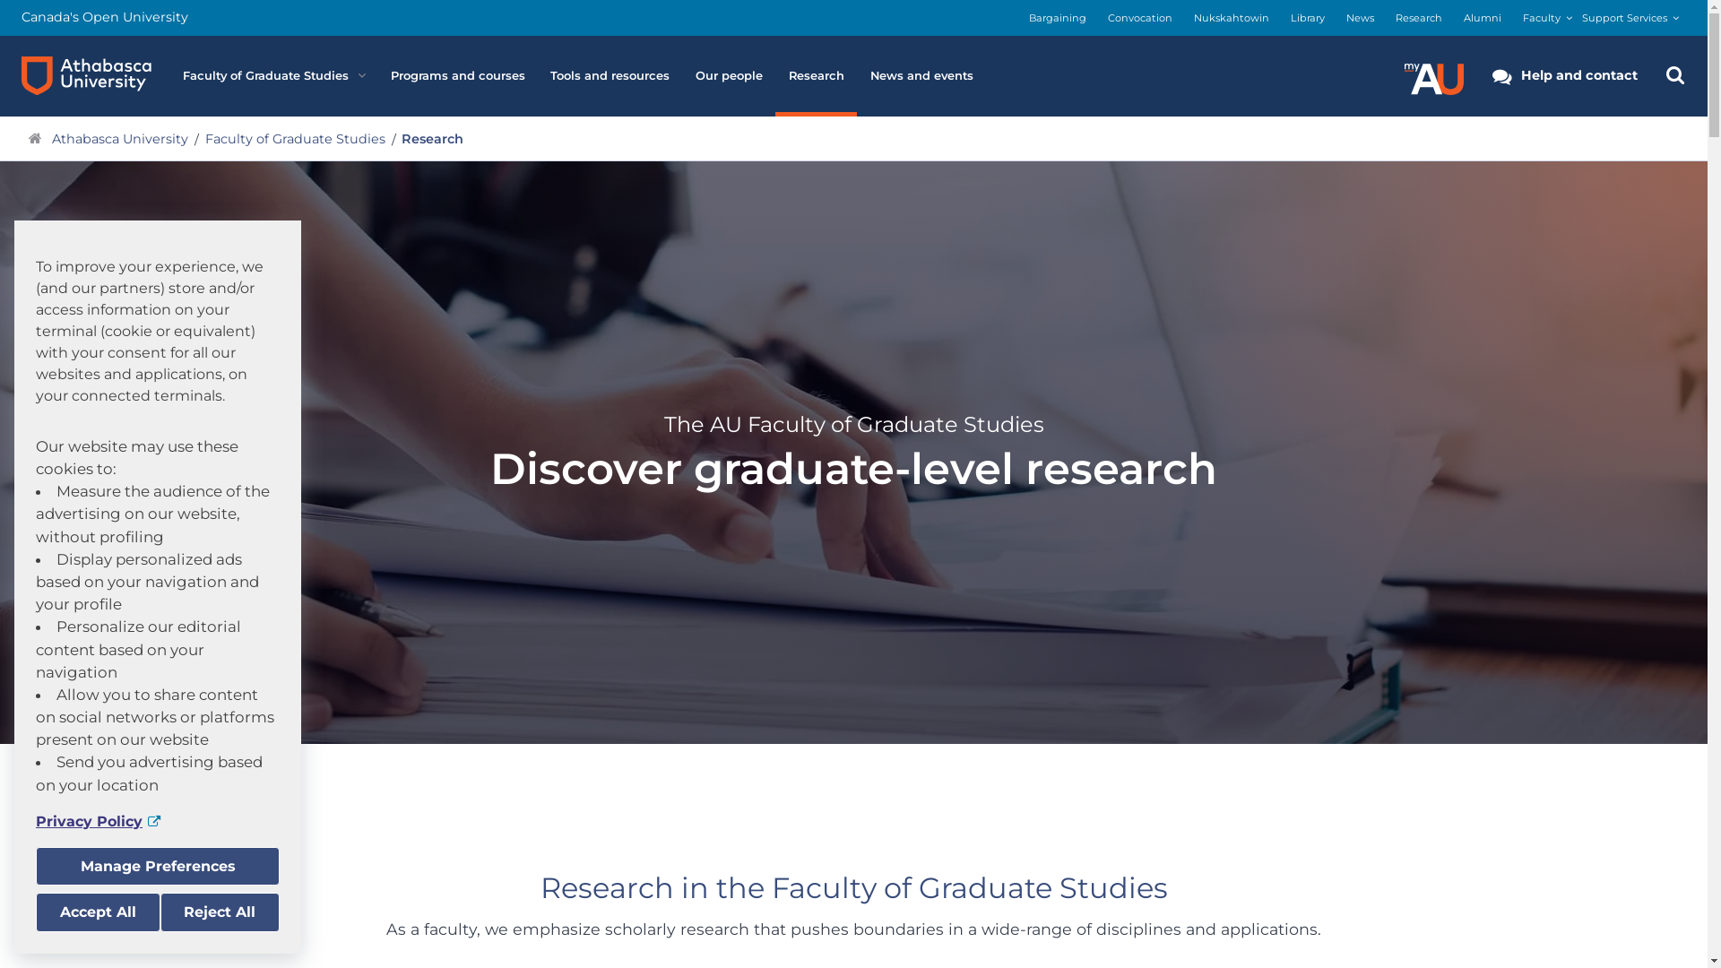 The width and height of the screenshot is (1721, 968). Describe the element at coordinates (1308, 18) in the screenshot. I see `'Library'` at that location.